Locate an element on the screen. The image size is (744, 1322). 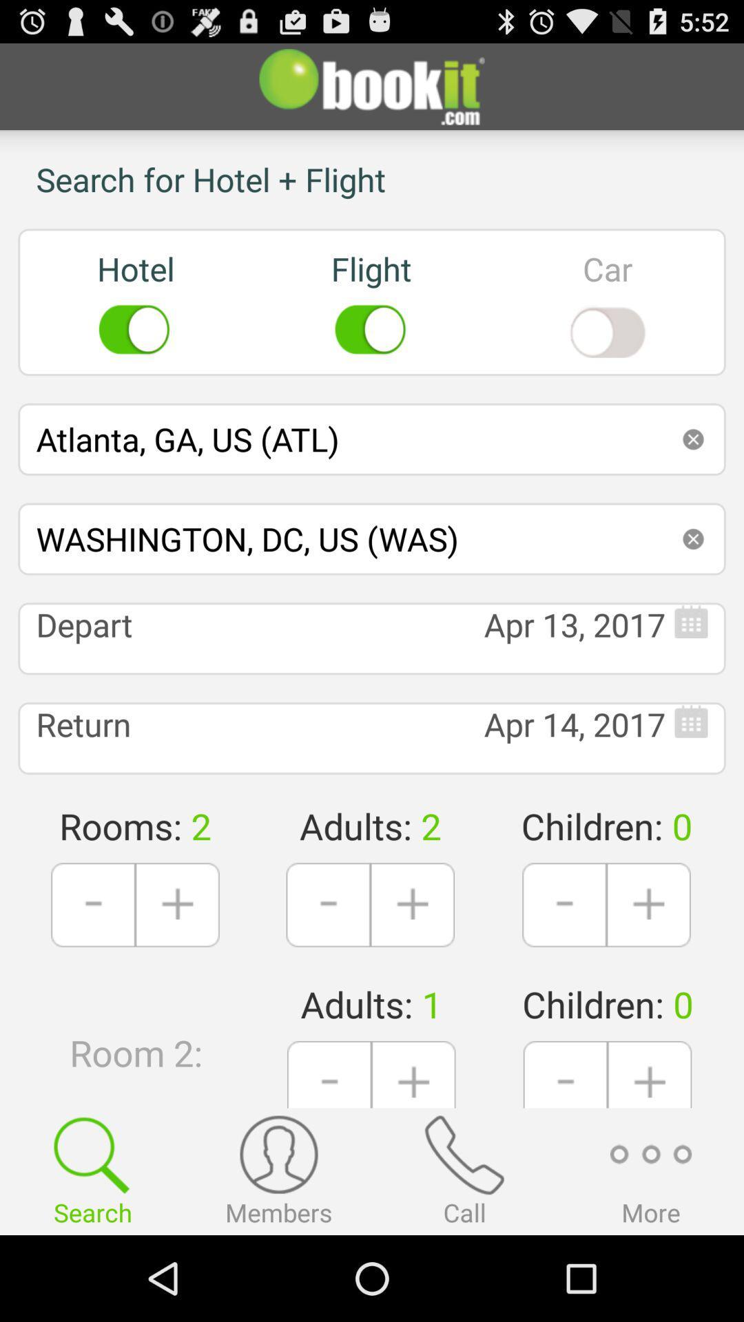
the minus icon is located at coordinates (93, 967).